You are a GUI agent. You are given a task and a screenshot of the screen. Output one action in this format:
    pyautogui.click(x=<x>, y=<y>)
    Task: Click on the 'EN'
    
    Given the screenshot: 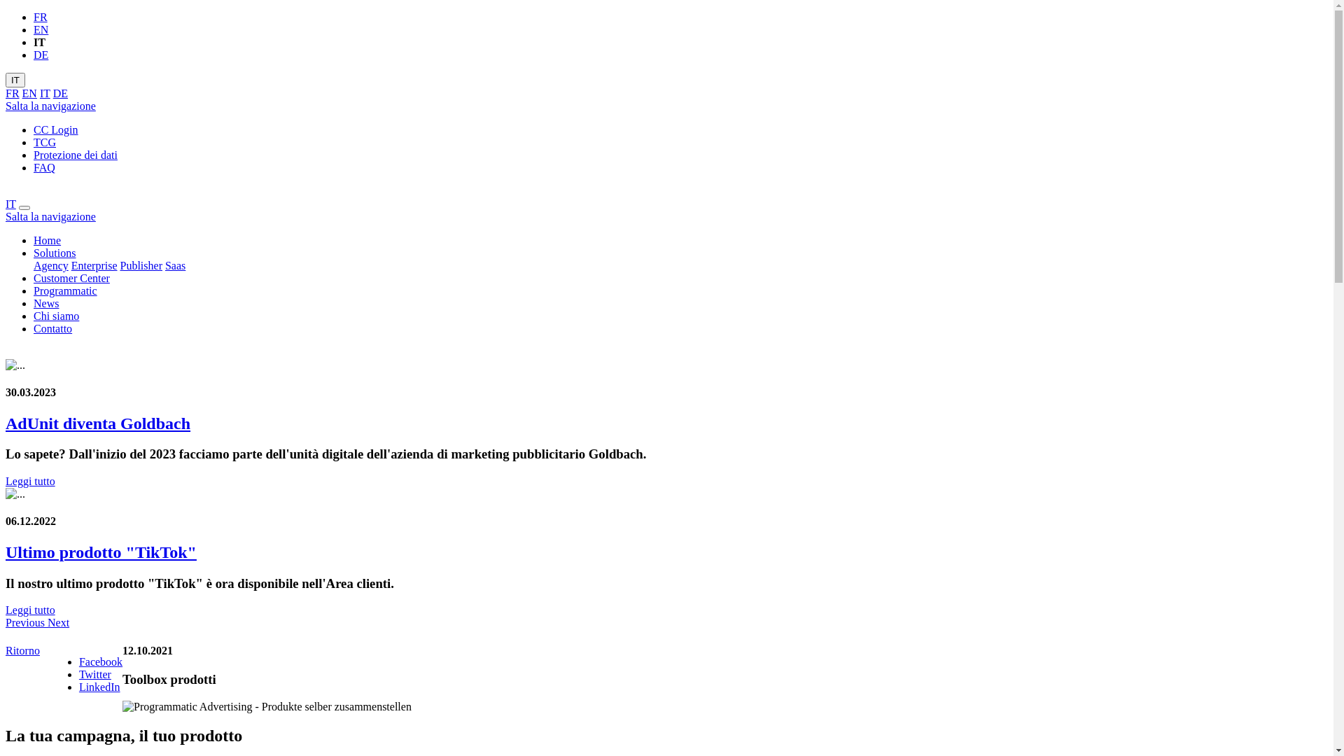 What is the action you would take?
    pyautogui.click(x=41, y=29)
    